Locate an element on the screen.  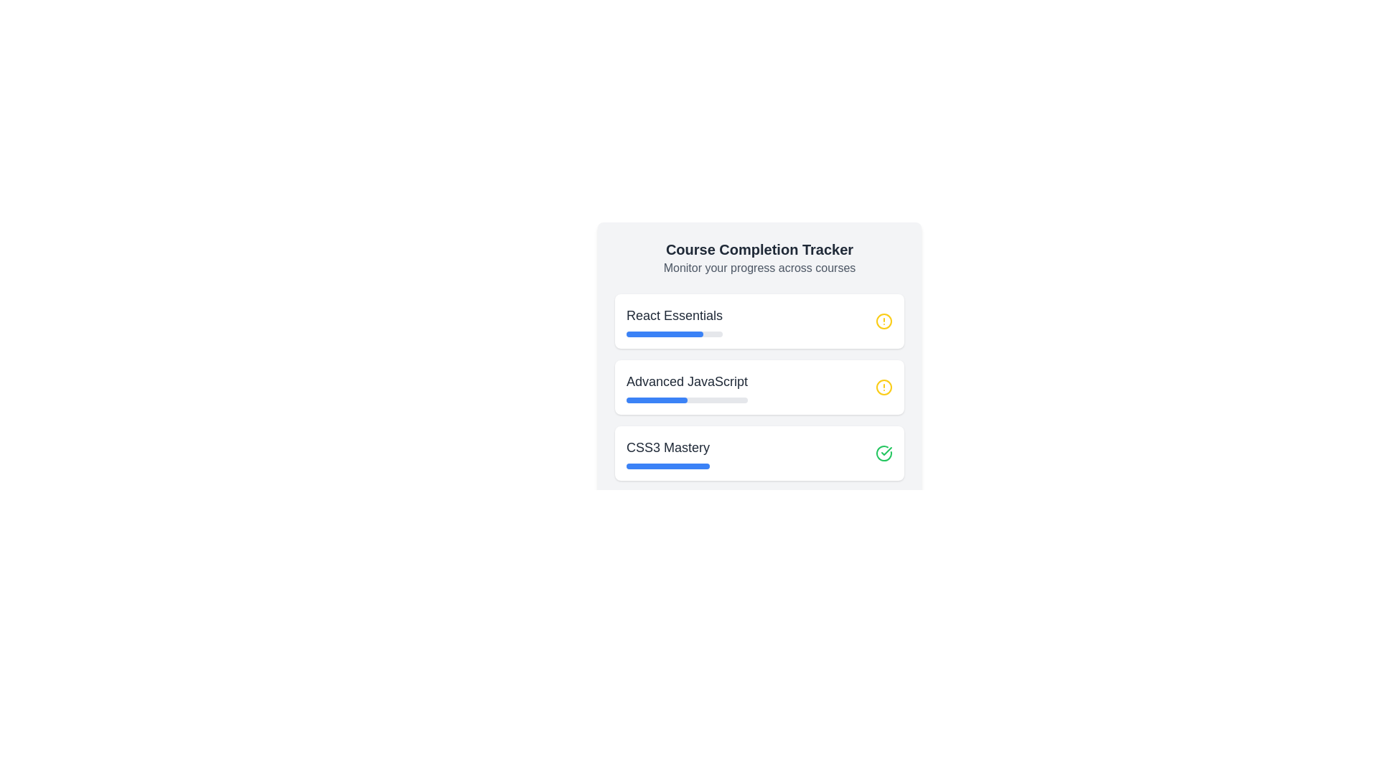
the Status indicator icon indicating the completed status of the course 'CSS3 Mastery' located at the right end of the row adjacent to the progress bar is located at coordinates (883, 454).